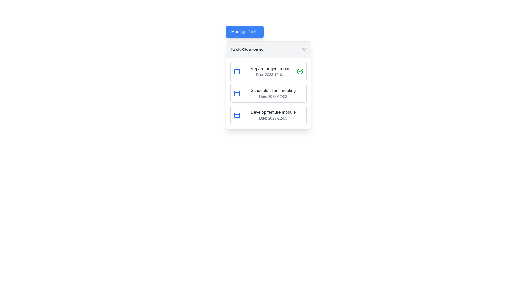 The image size is (511, 287). What do you see at coordinates (270, 75) in the screenshot?
I see `the text element displaying 'Due: 2023-12-01', which appears in light gray color below the task title 'Prepare project report' in the 'Task Overview' panel` at bounding box center [270, 75].